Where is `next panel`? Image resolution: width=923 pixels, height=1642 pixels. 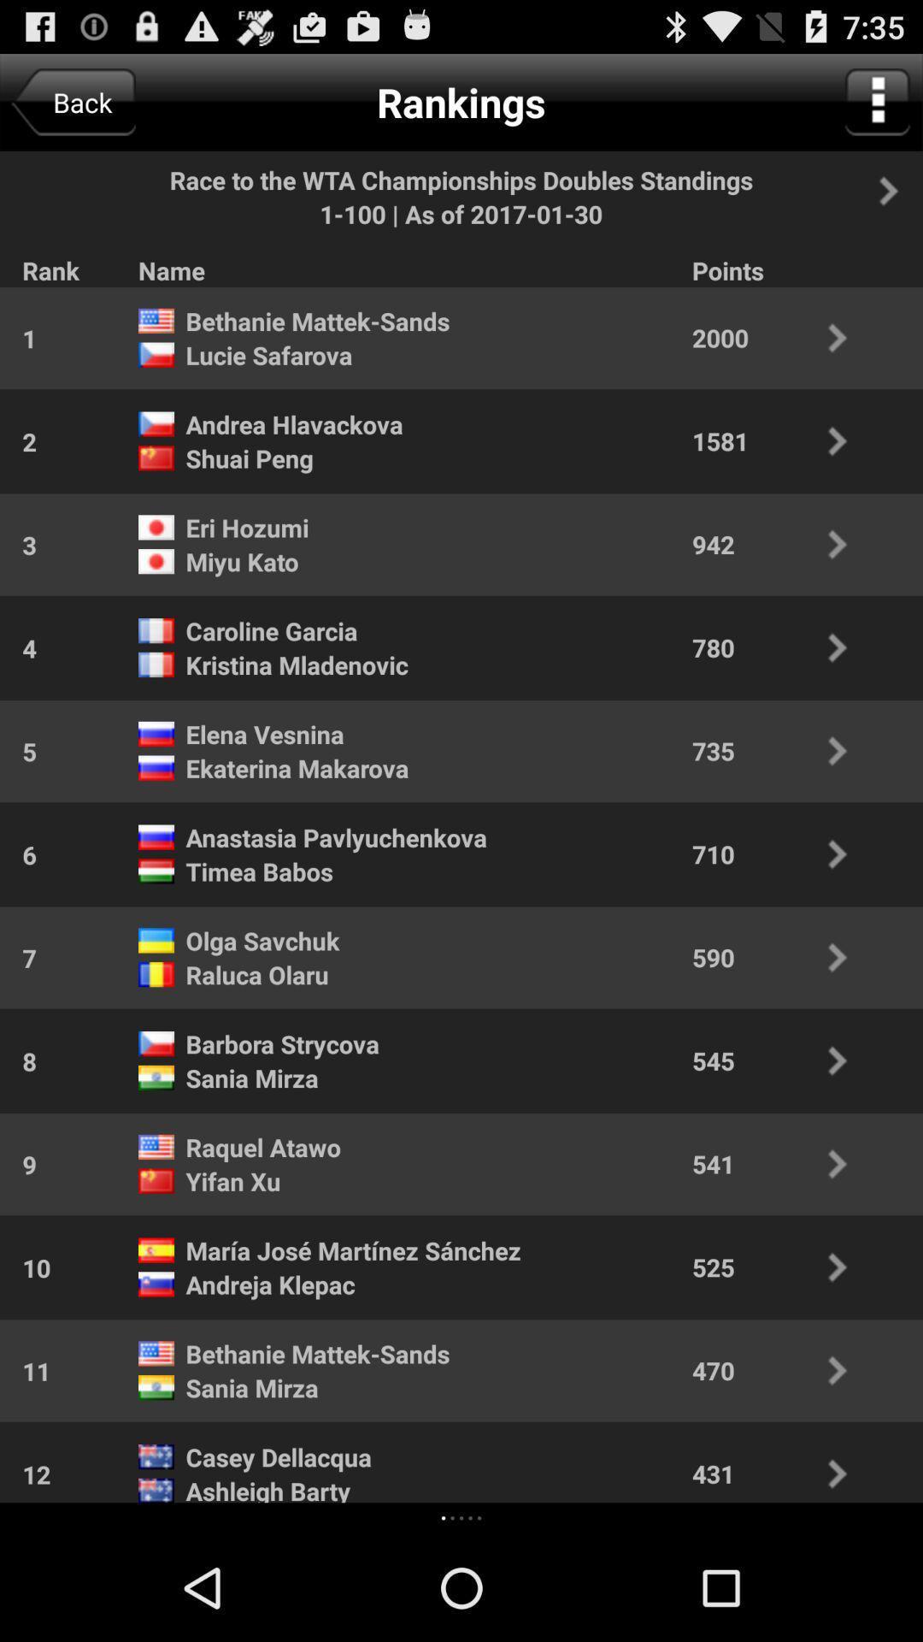 next panel is located at coordinates (897, 191).